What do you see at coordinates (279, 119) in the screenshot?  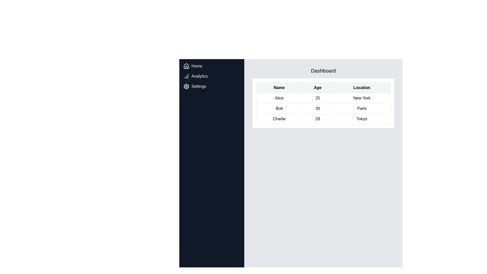 I see `the text label displaying 'Charlie' in the first column of the third row of the table` at bounding box center [279, 119].